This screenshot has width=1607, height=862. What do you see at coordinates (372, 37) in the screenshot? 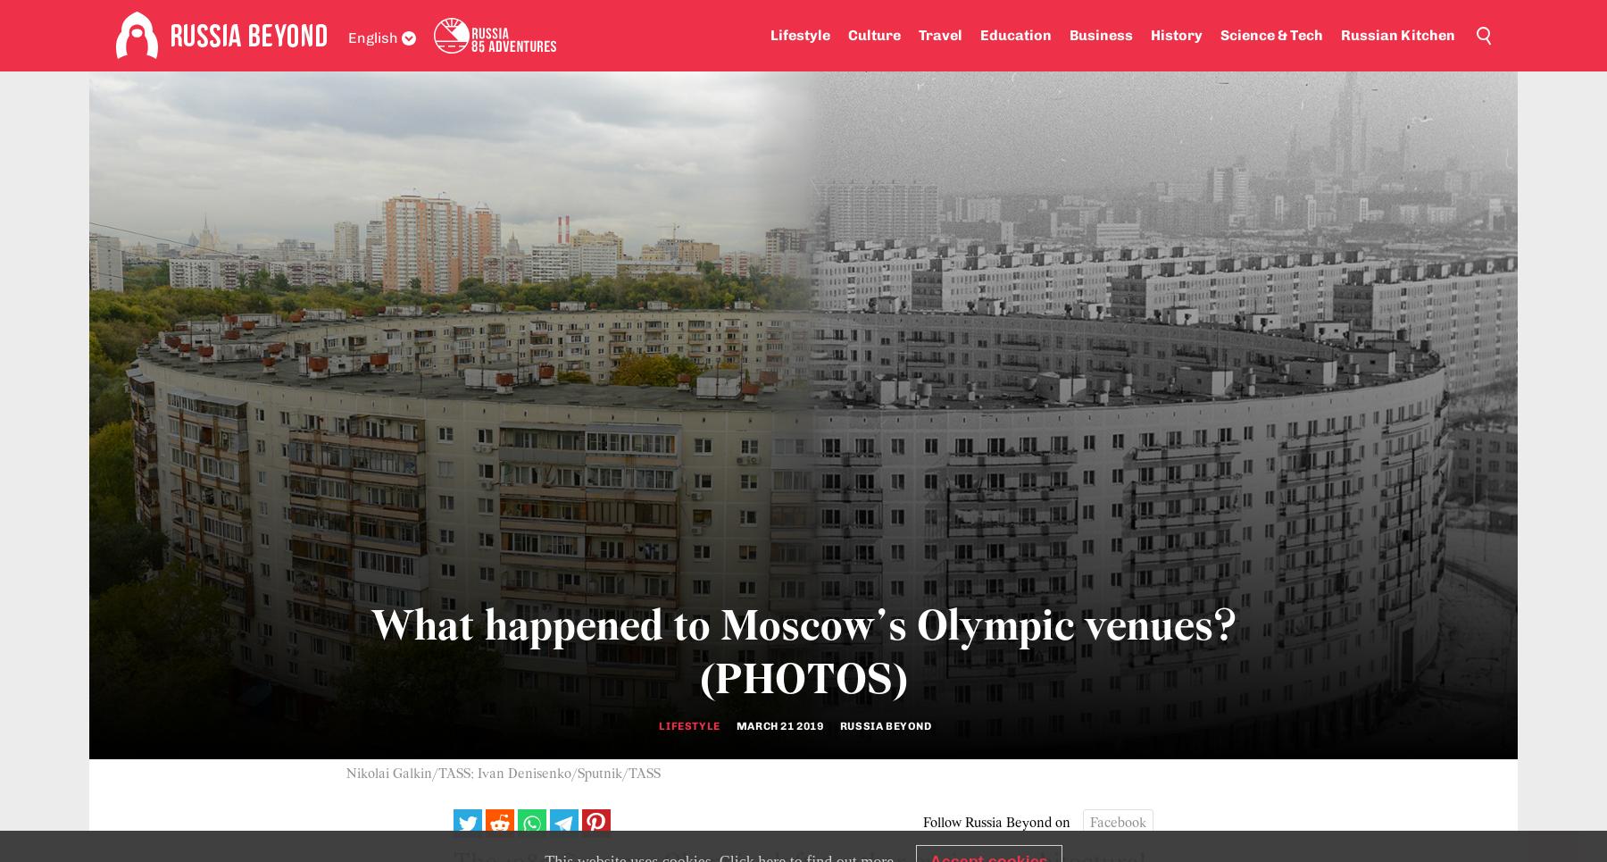
I see `'English'` at bounding box center [372, 37].